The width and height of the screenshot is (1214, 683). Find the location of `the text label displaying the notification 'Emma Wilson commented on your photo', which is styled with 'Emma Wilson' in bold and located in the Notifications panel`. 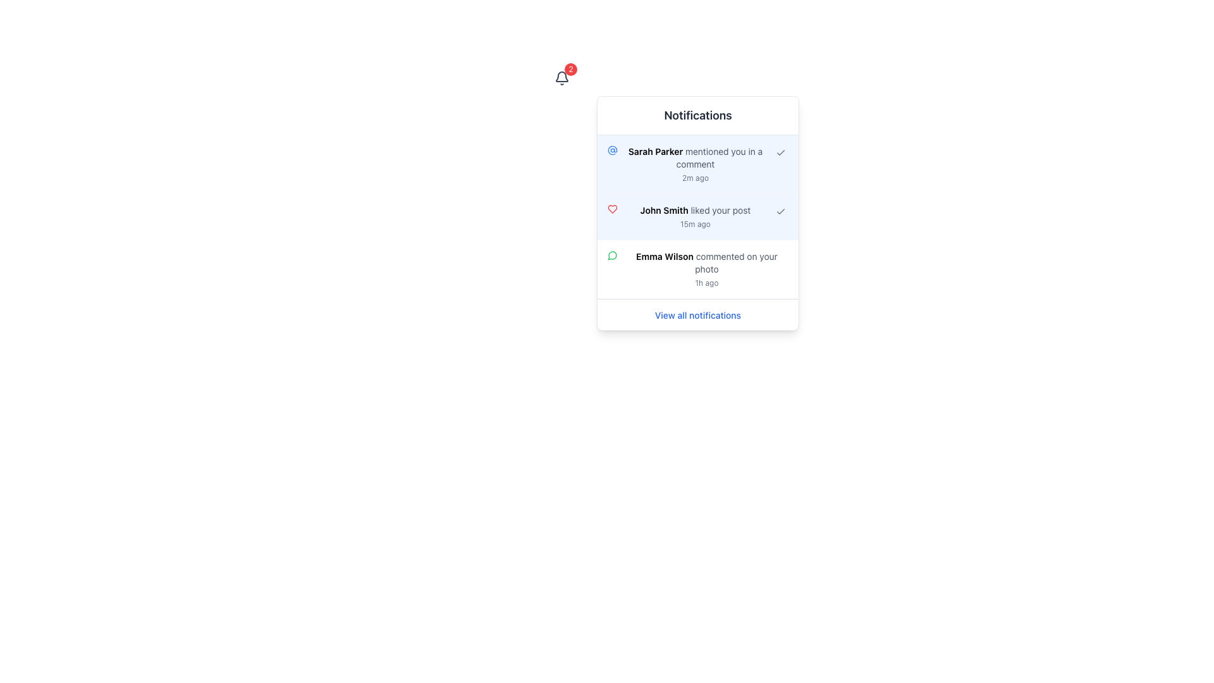

the text label displaying the notification 'Emma Wilson commented on your photo', which is styled with 'Emma Wilson' in bold and located in the Notifications panel is located at coordinates (706, 262).